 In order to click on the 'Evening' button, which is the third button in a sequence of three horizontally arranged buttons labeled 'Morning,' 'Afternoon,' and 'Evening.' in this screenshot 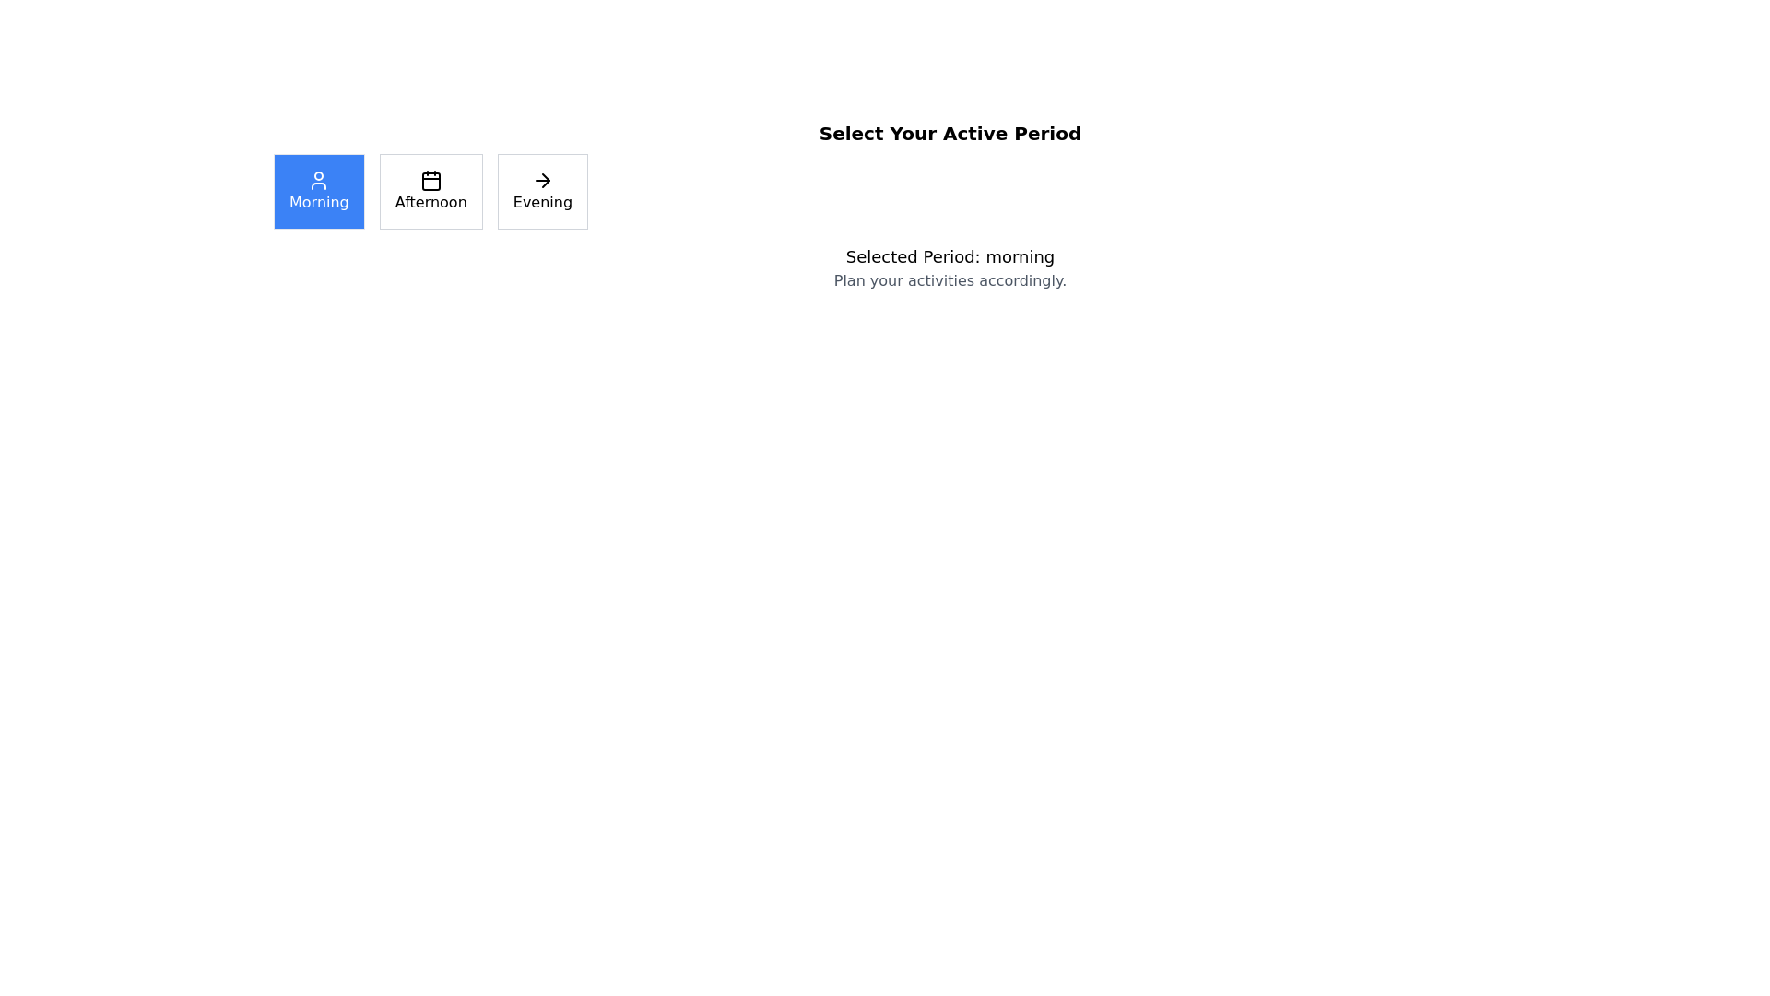, I will do `click(541, 192)`.